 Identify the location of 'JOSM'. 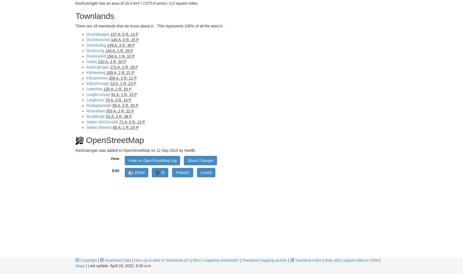
(138, 173).